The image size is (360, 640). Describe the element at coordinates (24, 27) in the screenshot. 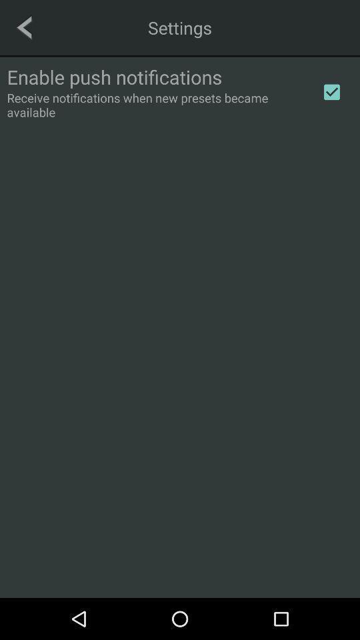

I see `icon at the top left corner` at that location.